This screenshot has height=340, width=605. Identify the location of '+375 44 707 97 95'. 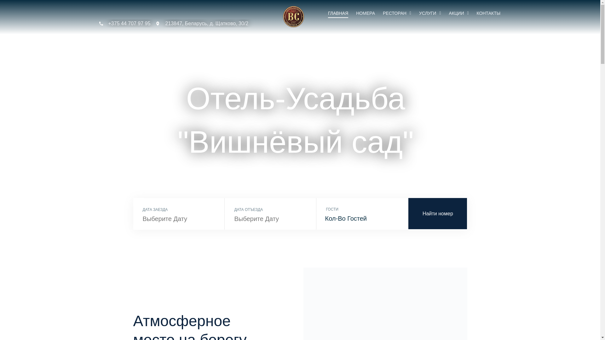
(124, 23).